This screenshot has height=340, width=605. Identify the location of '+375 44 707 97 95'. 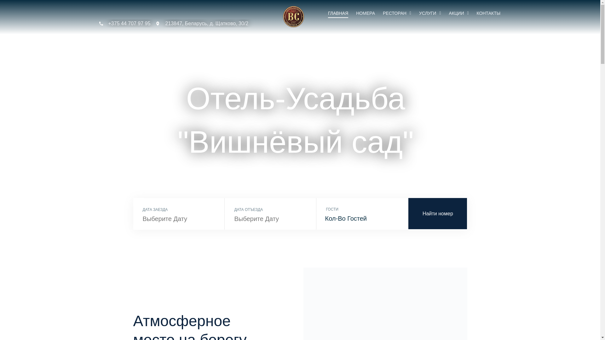
(124, 23).